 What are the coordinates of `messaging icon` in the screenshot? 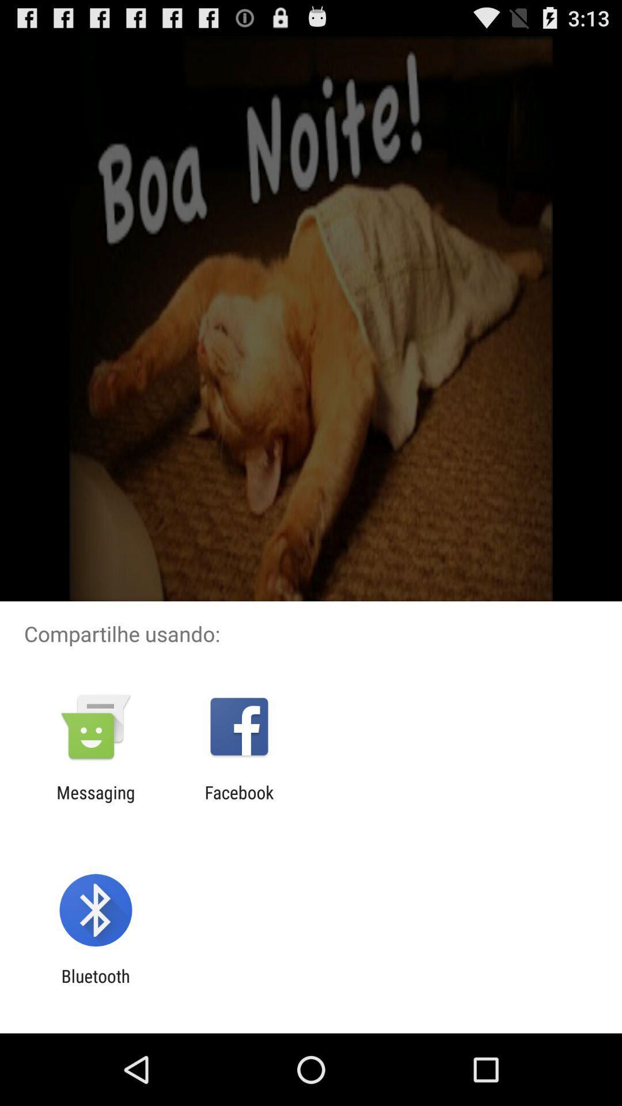 It's located at (95, 802).